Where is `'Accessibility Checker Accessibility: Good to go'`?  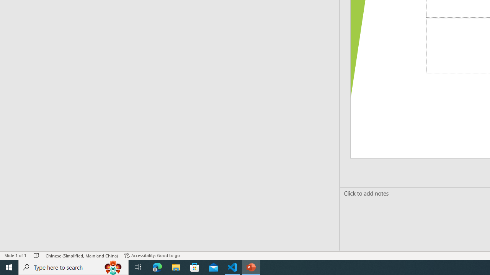
'Accessibility Checker Accessibility: Good to go' is located at coordinates (152, 256).